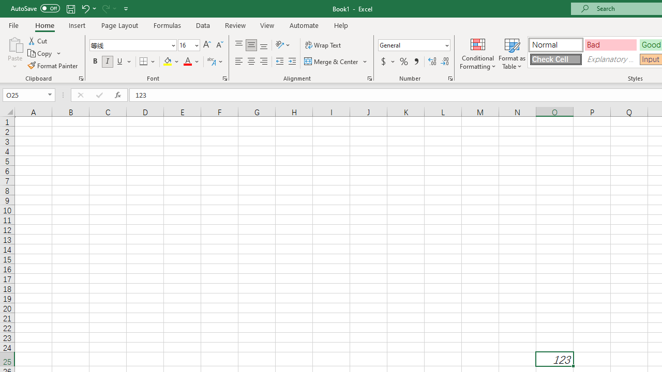 The height and width of the screenshot is (372, 662). Describe the element at coordinates (44, 53) in the screenshot. I see `'Copy'` at that location.